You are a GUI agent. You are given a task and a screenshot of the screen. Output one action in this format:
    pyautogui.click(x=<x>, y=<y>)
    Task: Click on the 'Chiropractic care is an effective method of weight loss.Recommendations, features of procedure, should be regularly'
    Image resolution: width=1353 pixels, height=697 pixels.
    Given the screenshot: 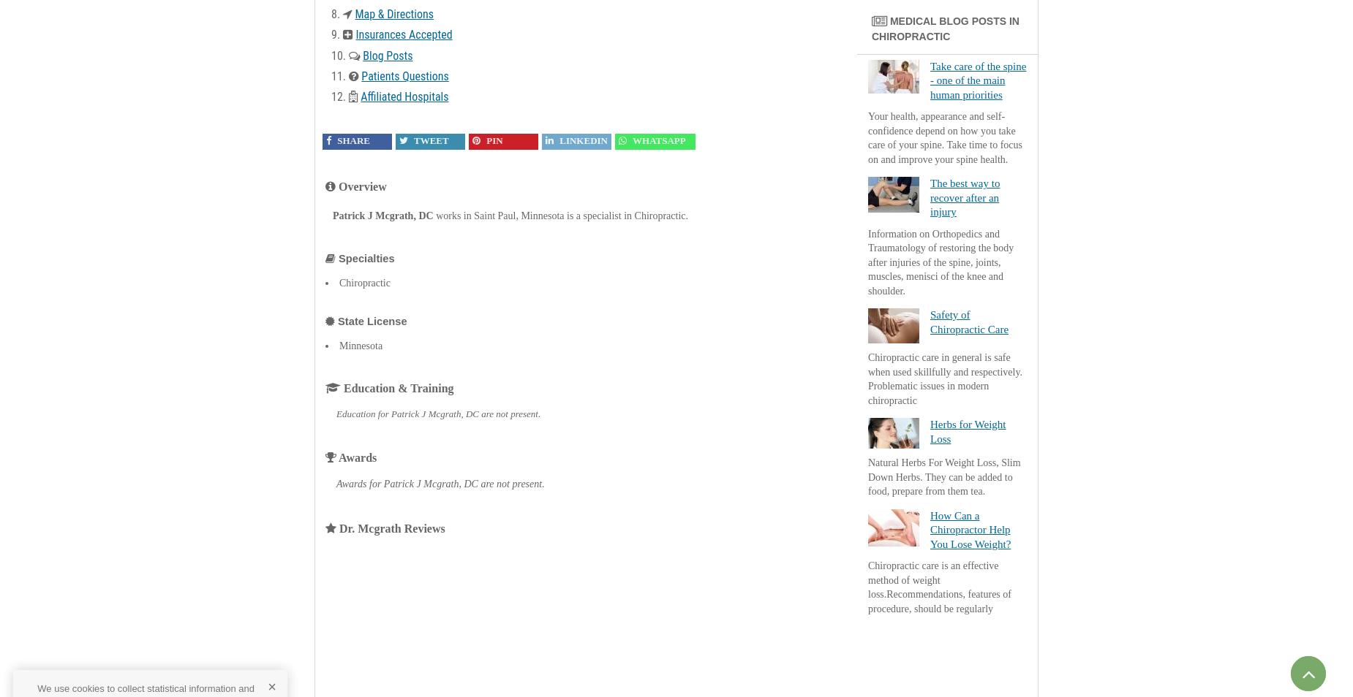 What is the action you would take?
    pyautogui.click(x=938, y=587)
    